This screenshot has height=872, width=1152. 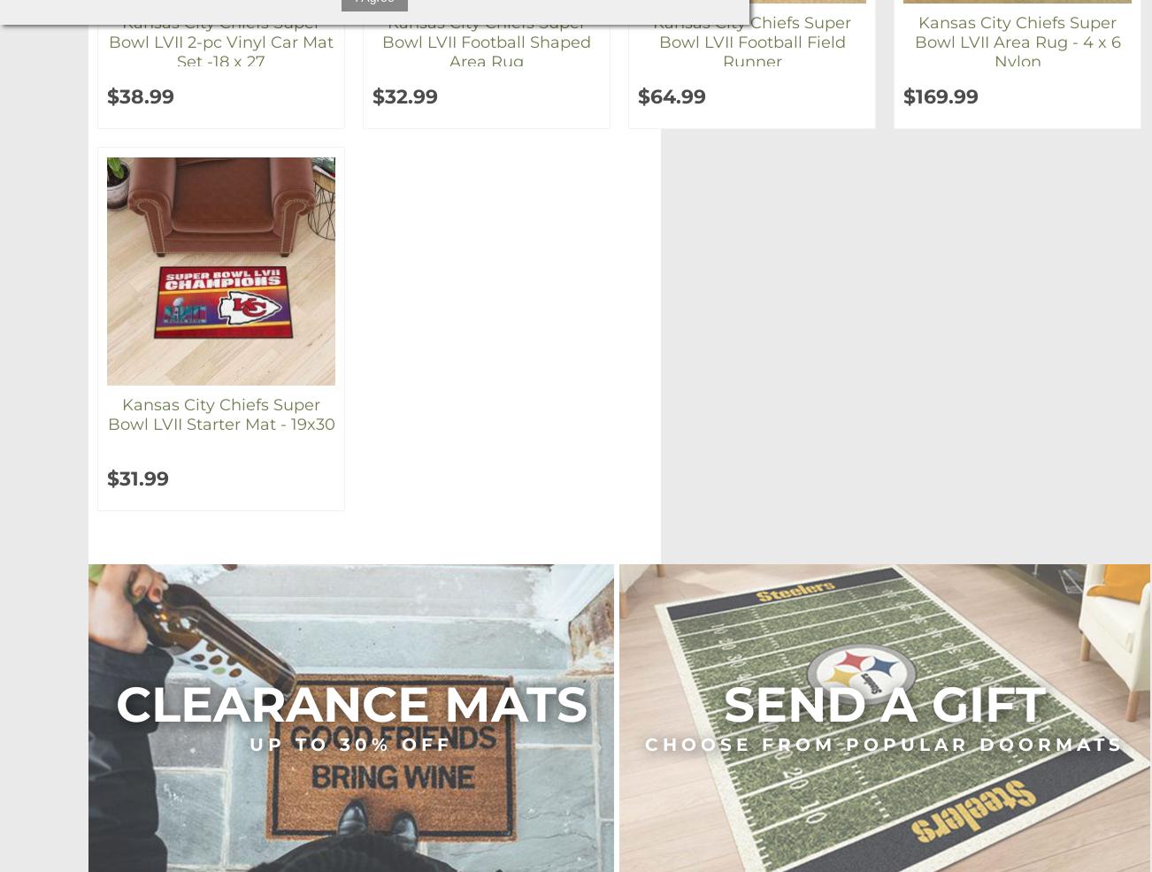 I want to click on 'Kansas City Chiefs Super Bowl LVII Area Rug - 4 x 6 Nylon', so click(x=913, y=42).